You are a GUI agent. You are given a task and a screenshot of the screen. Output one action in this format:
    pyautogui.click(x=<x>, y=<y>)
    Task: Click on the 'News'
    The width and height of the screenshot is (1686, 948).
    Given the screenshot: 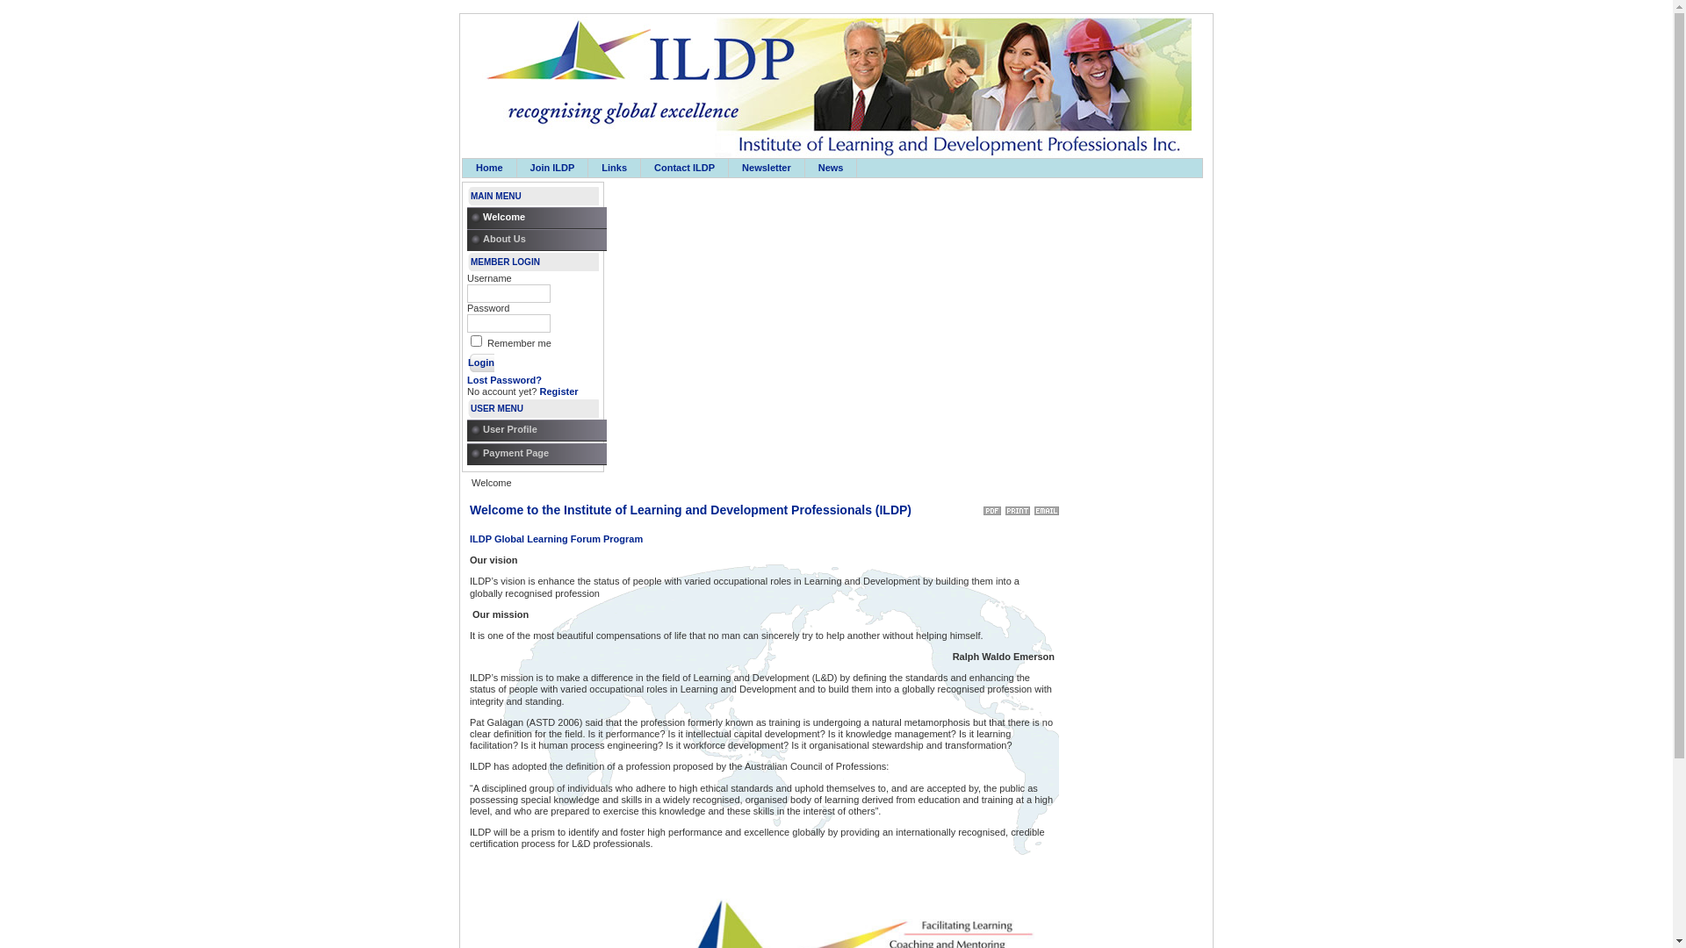 What is the action you would take?
    pyautogui.click(x=830, y=168)
    